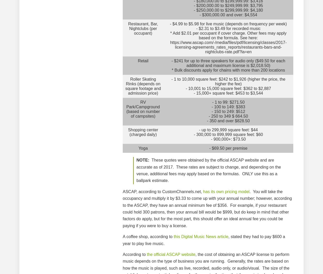 The width and height of the screenshot is (323, 274). I want to click on '- 150 to 249: $512', so click(228, 111).